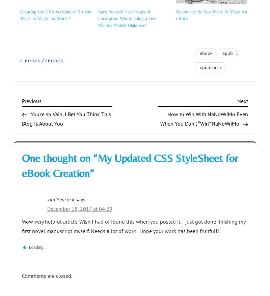  What do you see at coordinates (30, 60) in the screenshot?
I see `'e-books'` at bounding box center [30, 60].